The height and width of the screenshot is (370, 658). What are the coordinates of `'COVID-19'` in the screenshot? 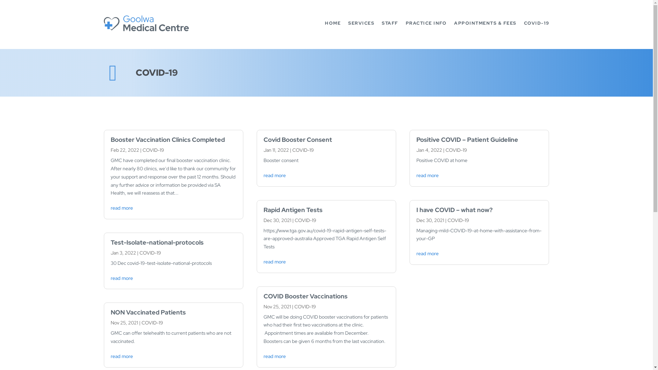 It's located at (153, 150).